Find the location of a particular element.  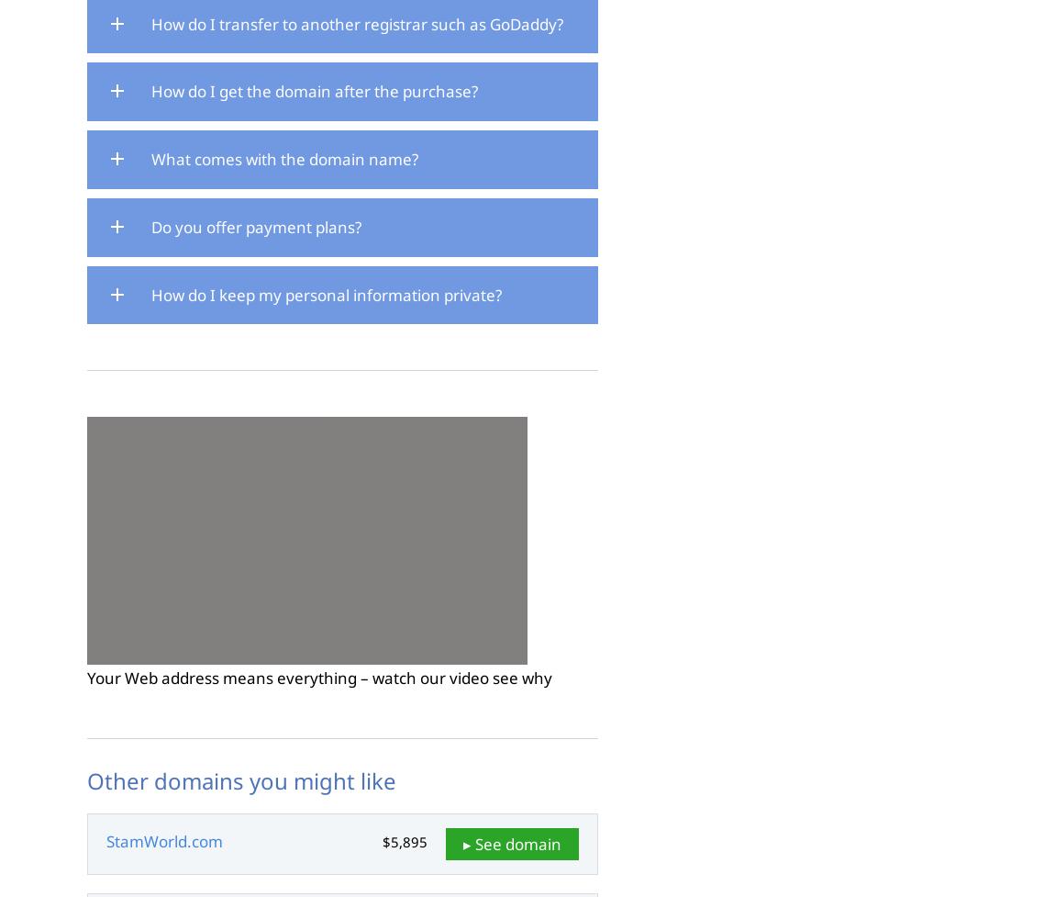

'How do I keep my personal information private?' is located at coordinates (327, 293).